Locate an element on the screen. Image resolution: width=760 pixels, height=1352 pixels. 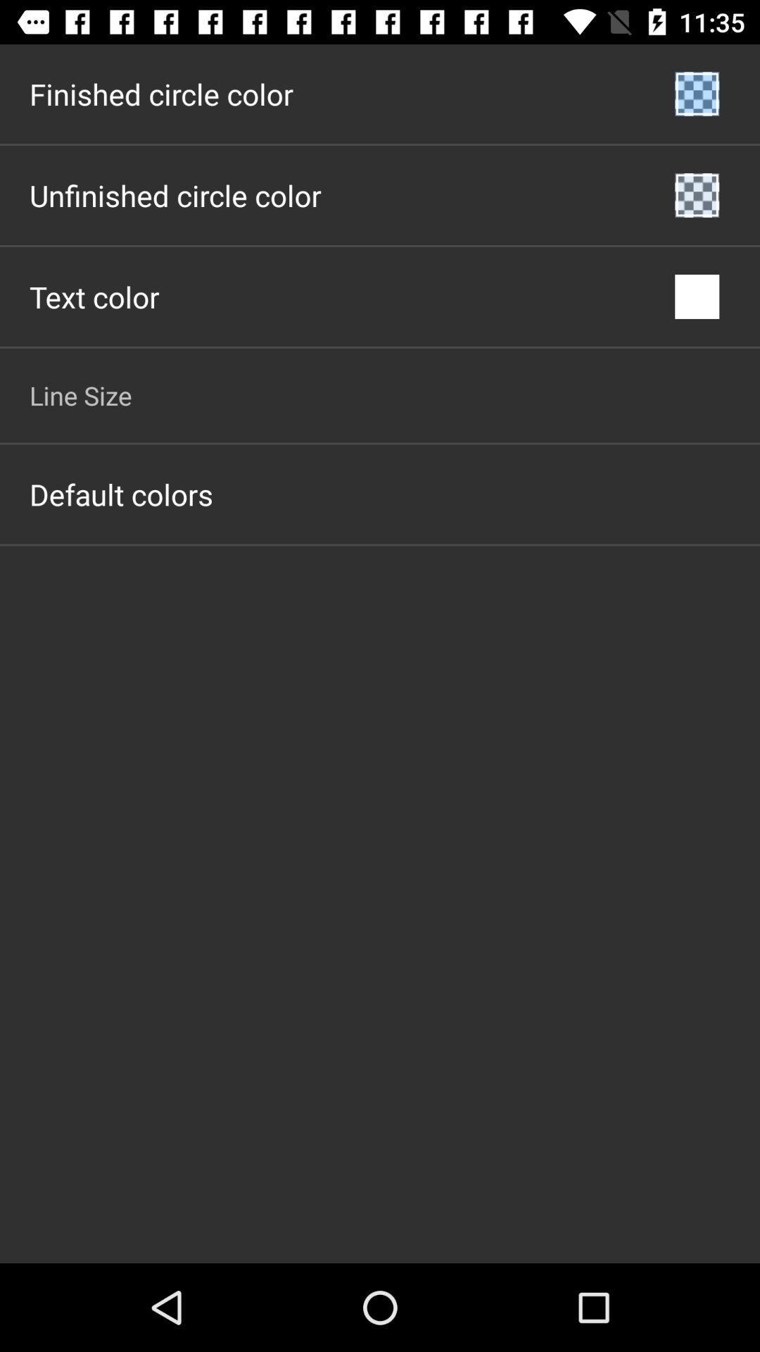
the app below the line size item is located at coordinates (120, 494).